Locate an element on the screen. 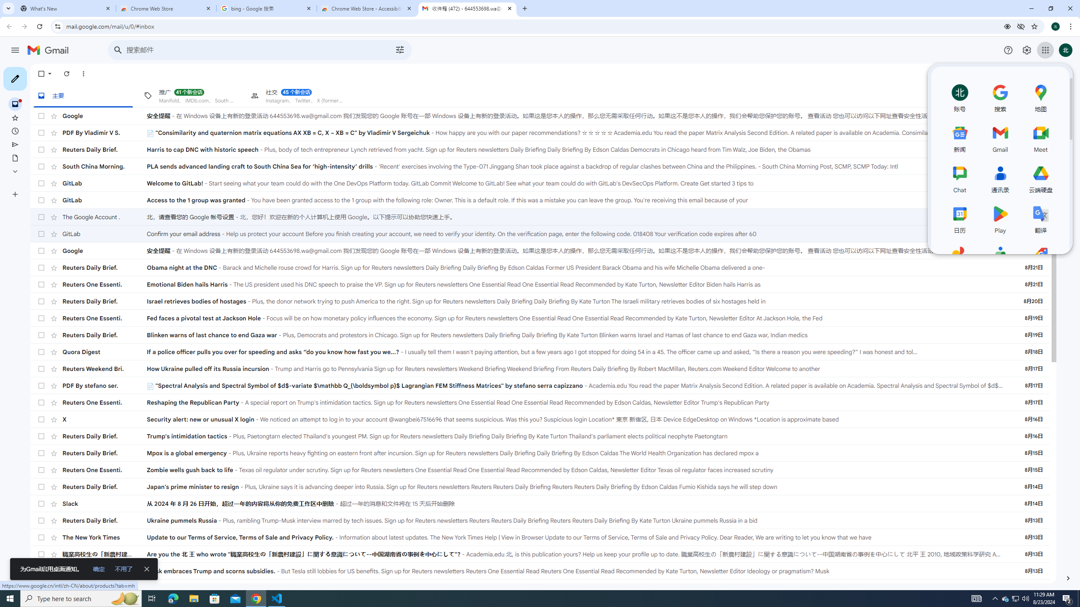 The width and height of the screenshot is (1080, 607). 'Chrome Web Store' is located at coordinates (166, 8).